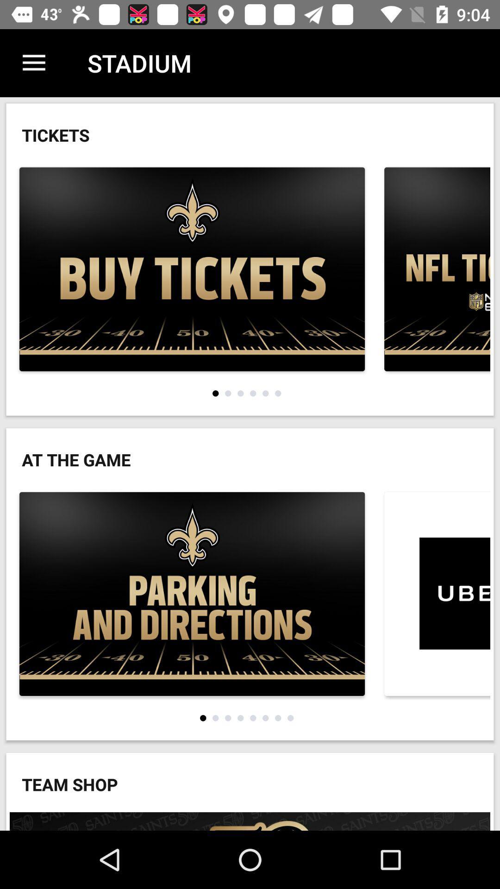  I want to click on icon next to stadium, so click(33, 63).